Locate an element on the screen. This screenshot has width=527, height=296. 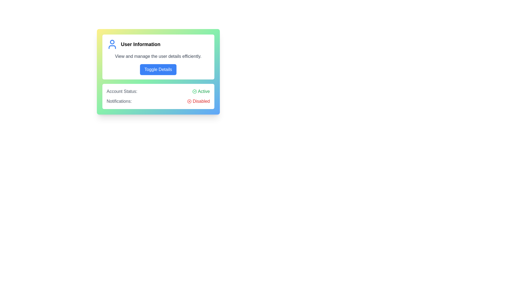
the button located within the 'User Information' card, positioned below the text 'View and manage the user details efficiently.' is located at coordinates (158, 69).